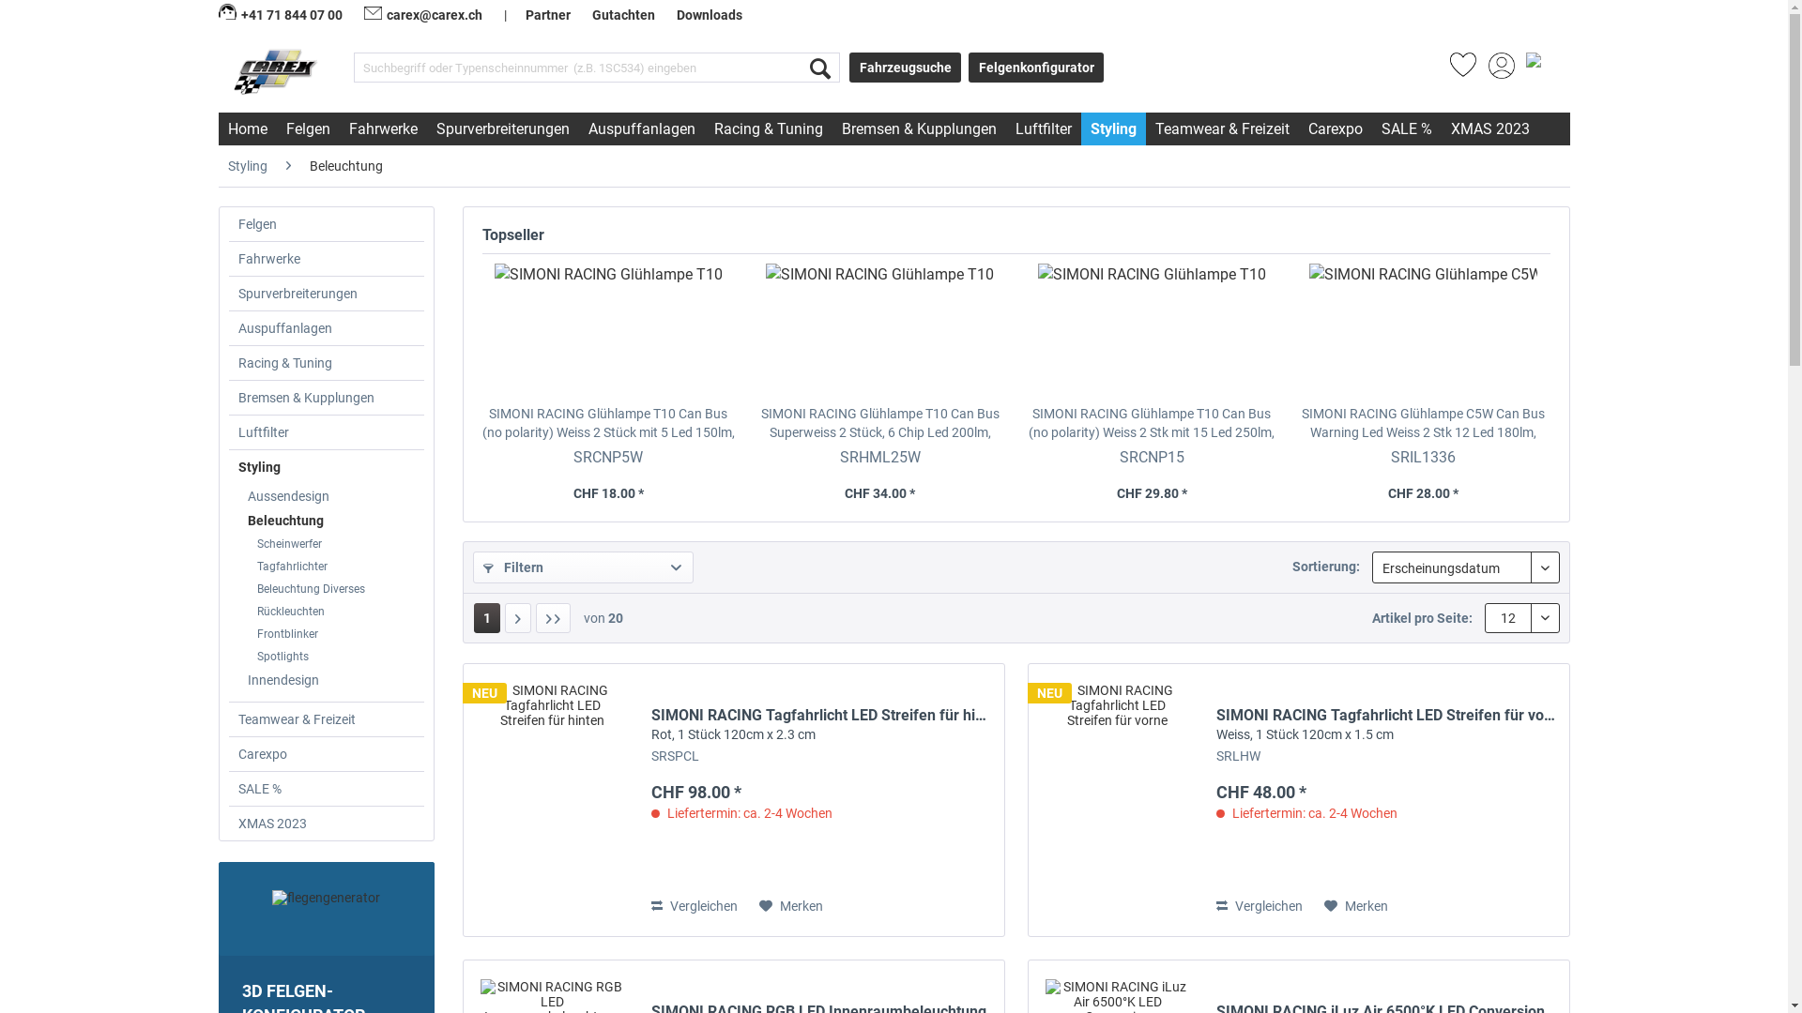 This screenshot has height=1013, width=1802. Describe the element at coordinates (1522, 70) in the screenshot. I see `'Warenkorb'` at that location.